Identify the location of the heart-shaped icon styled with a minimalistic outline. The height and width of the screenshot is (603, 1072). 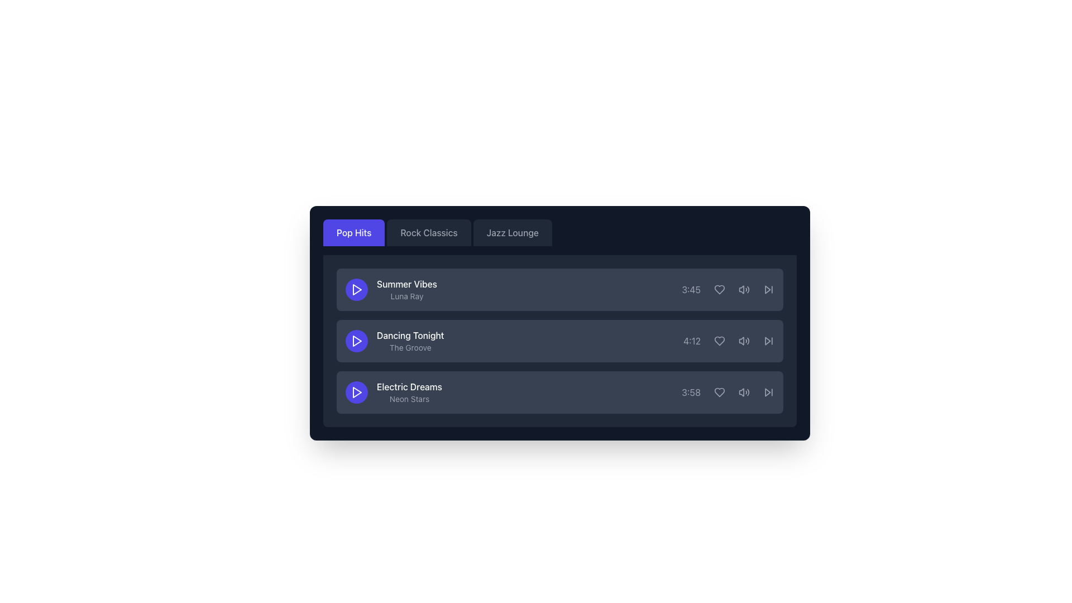
(720, 391).